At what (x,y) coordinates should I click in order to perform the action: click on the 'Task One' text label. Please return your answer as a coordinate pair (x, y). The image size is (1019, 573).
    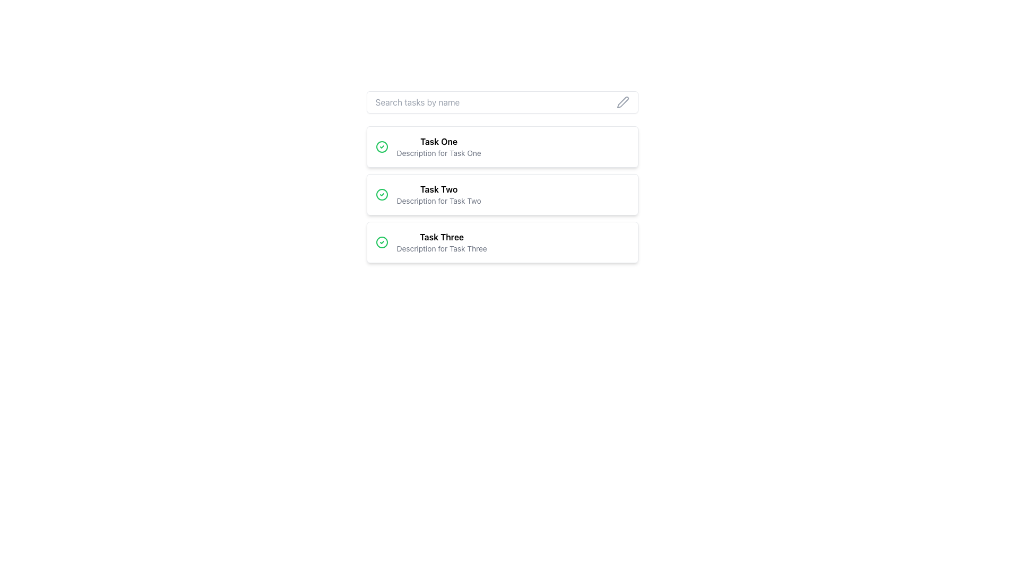
    Looking at the image, I should click on (439, 141).